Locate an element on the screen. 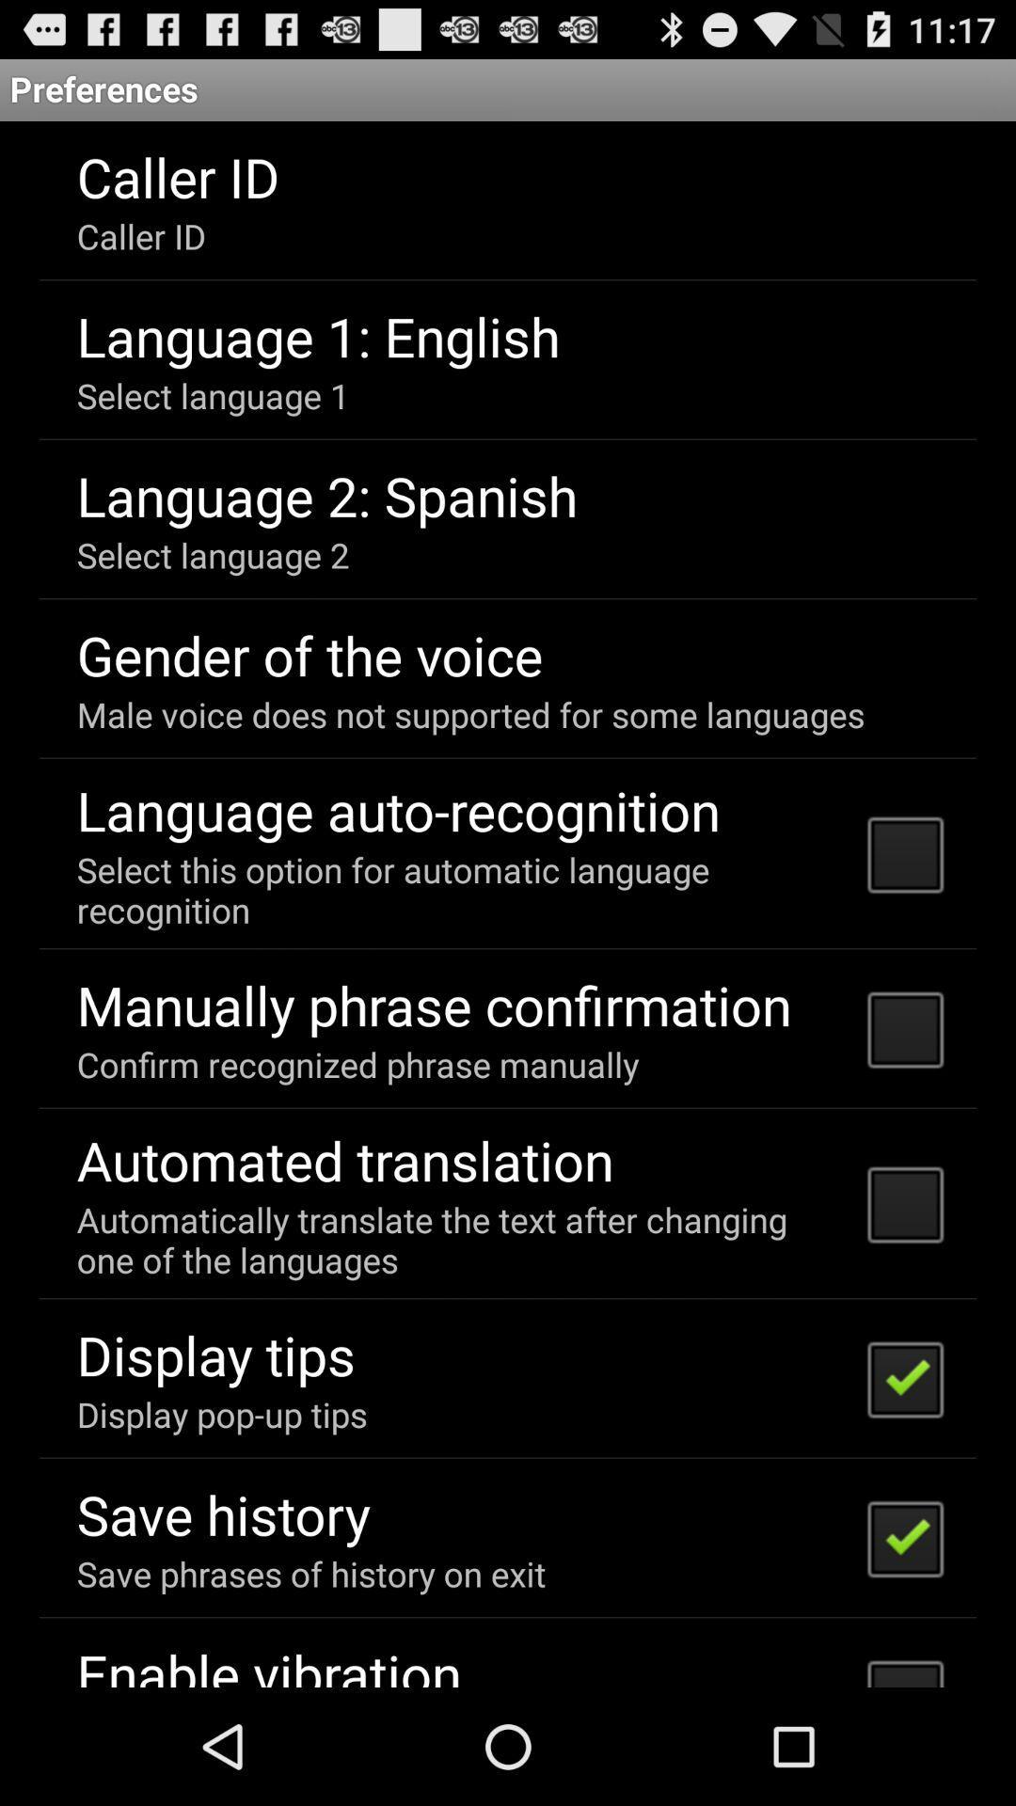 The image size is (1016, 1806). app above automatically translate the icon is located at coordinates (345, 1159).